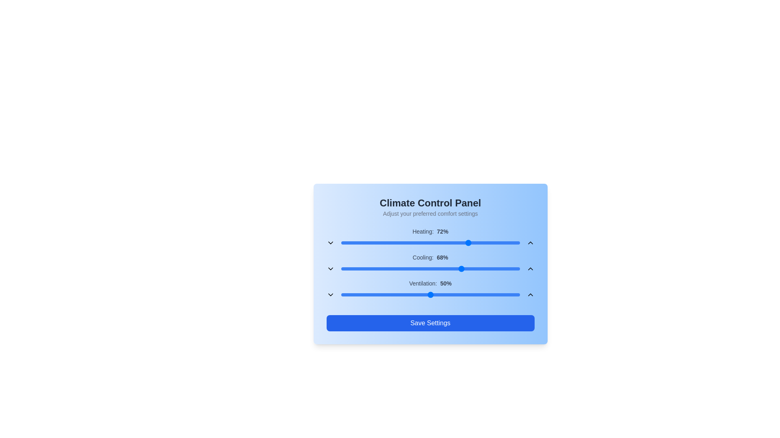 The image size is (780, 438). Describe the element at coordinates (530, 242) in the screenshot. I see `the up button to adjust the heating setting` at that location.